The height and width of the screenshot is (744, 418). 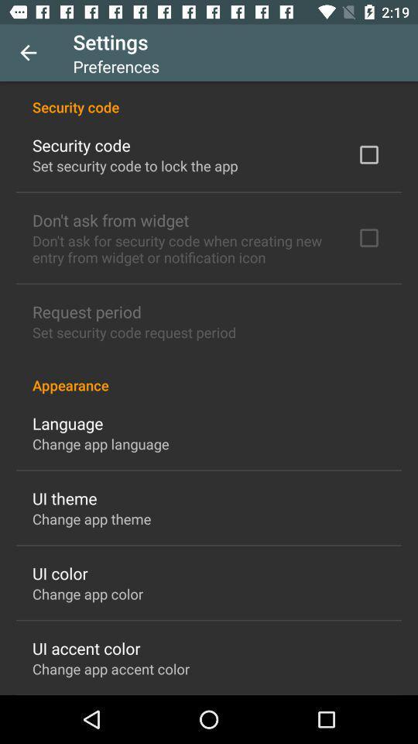 I want to click on the appearance item, so click(x=209, y=376).